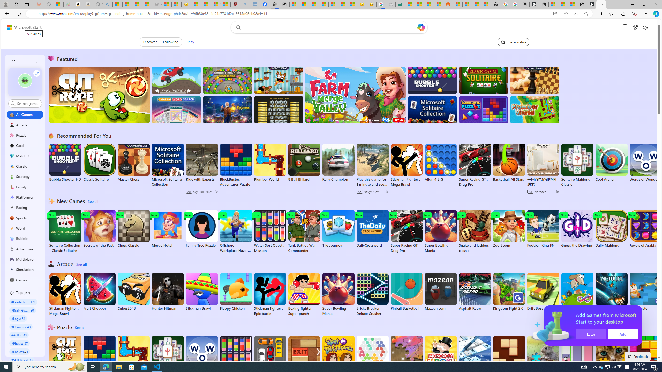 This screenshot has height=372, width=662. What do you see at coordinates (227, 110) in the screenshot?
I see `'Clockmaker'` at bounding box center [227, 110].